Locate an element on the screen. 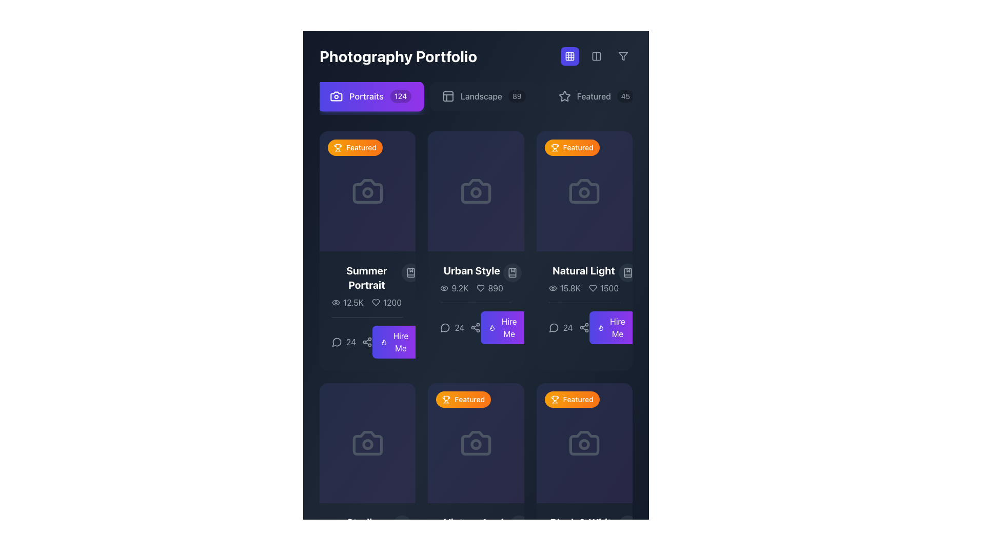  the numeric textual display reading '24', which is located at the bottom section of the second card in a card grid layout, positioned to the right of a chat bubble icon and to the left of a share icon is located at coordinates (459, 328).